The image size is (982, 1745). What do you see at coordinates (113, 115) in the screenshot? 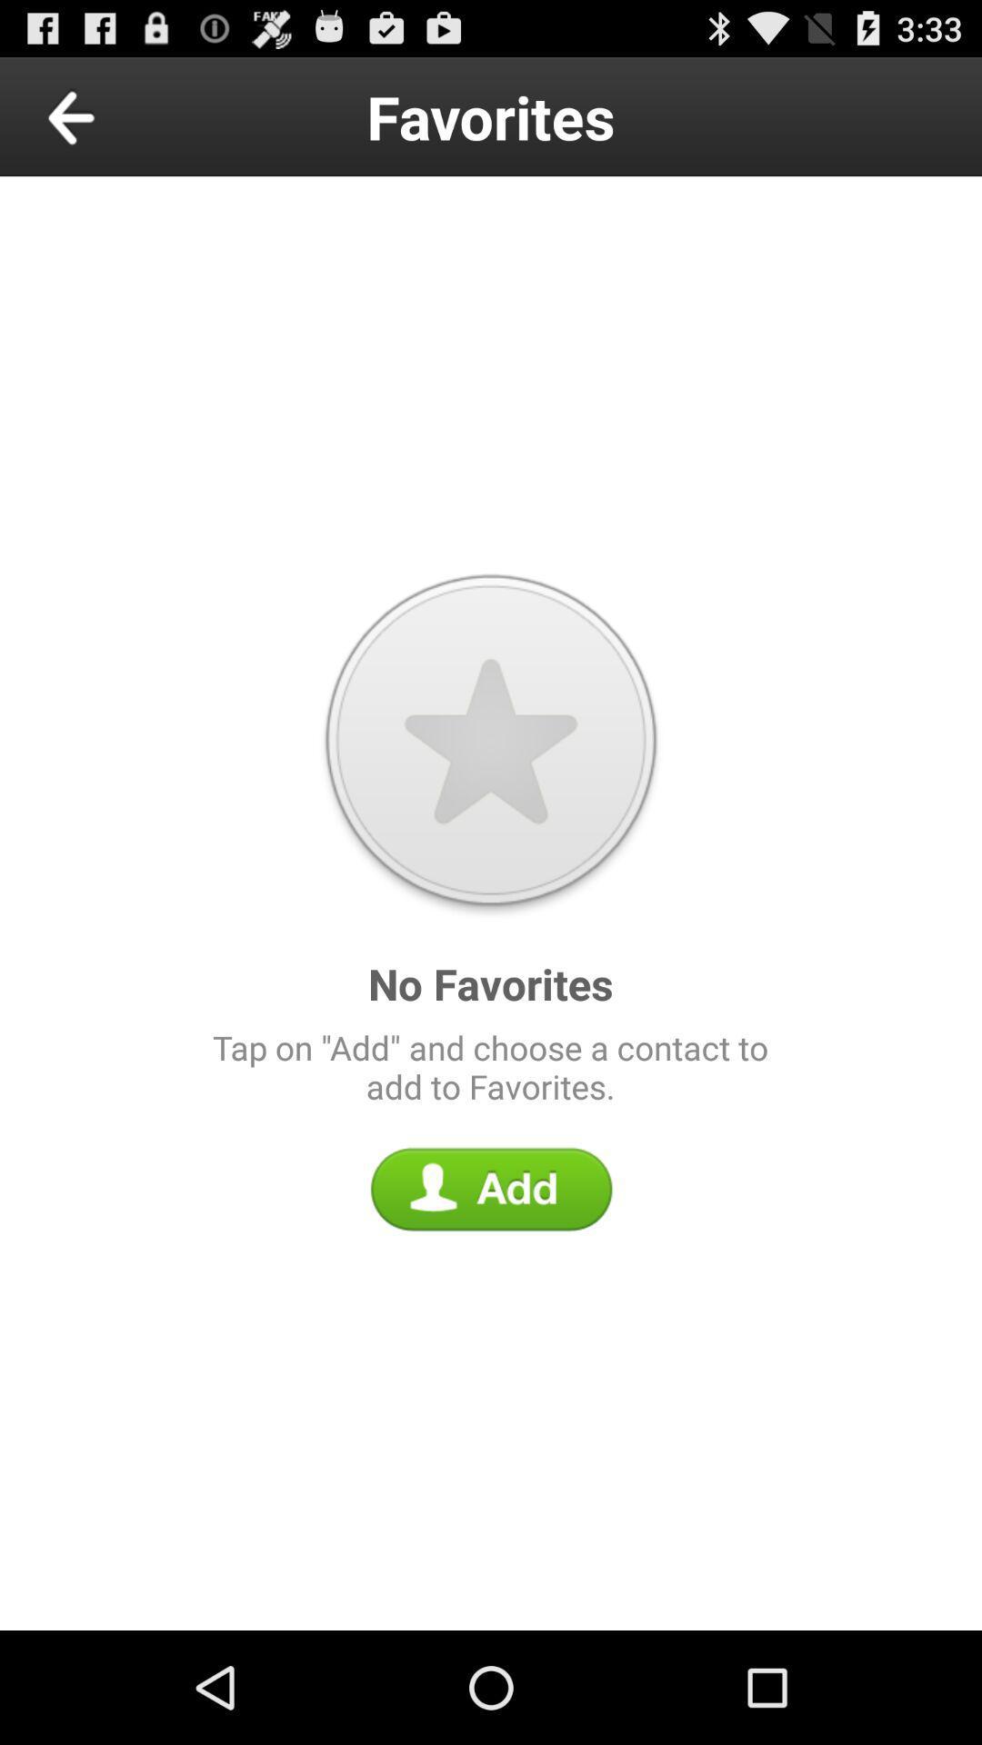
I see `item next to the favorites app` at bounding box center [113, 115].